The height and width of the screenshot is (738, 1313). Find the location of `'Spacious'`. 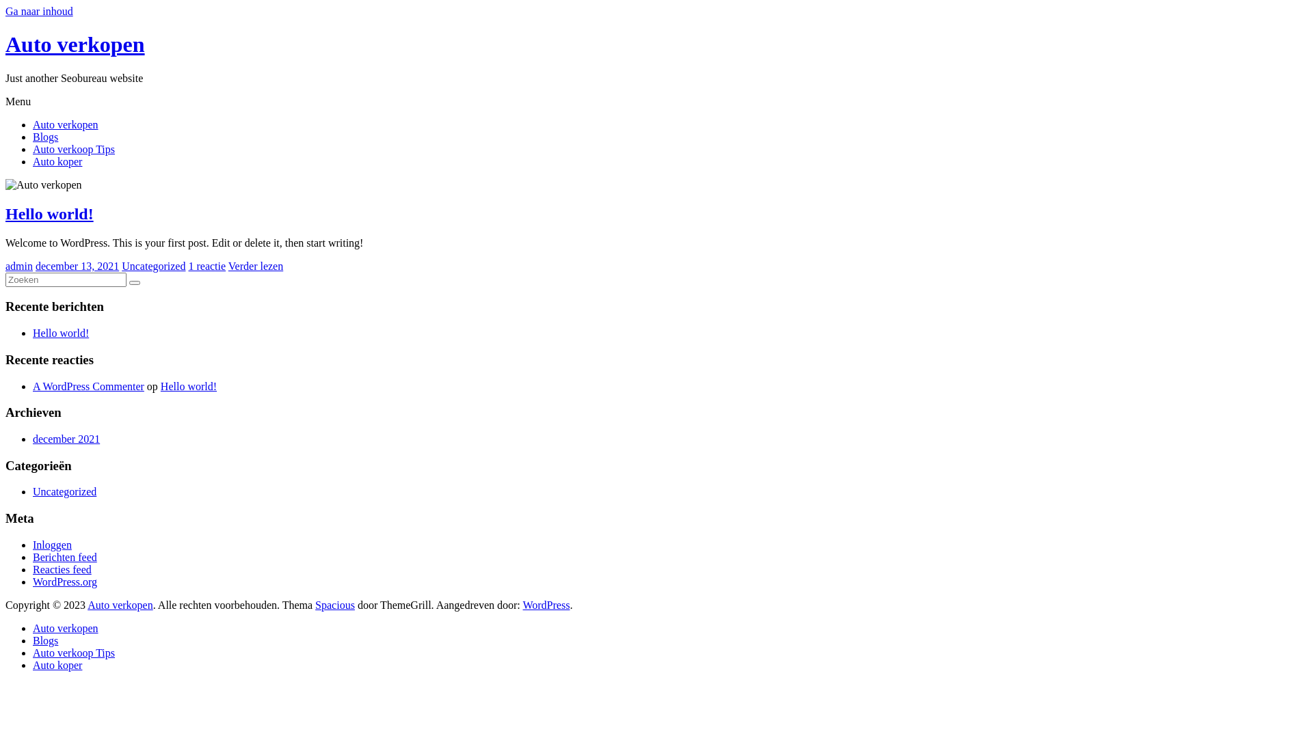

'Spacious' is located at coordinates (334, 604).